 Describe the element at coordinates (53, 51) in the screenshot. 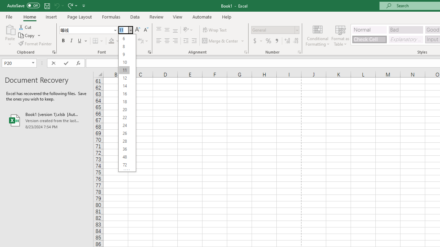

I see `'Office Clipboard...'` at that location.